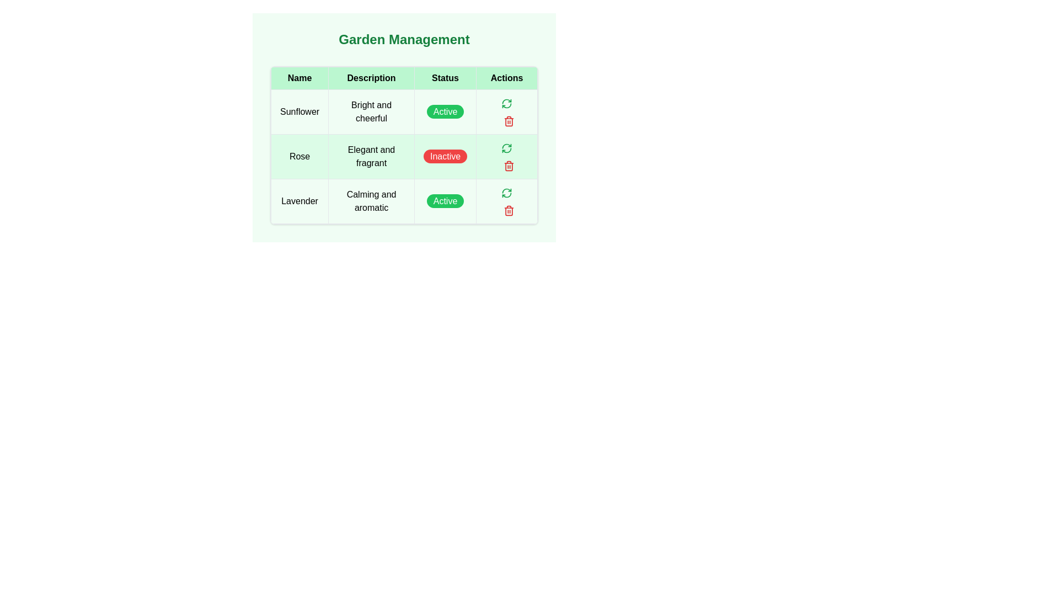 The width and height of the screenshot is (1059, 596). I want to click on the delete button located in the 'Actions' column of the table row corresponding to the 'Rose' item, so click(509, 166).